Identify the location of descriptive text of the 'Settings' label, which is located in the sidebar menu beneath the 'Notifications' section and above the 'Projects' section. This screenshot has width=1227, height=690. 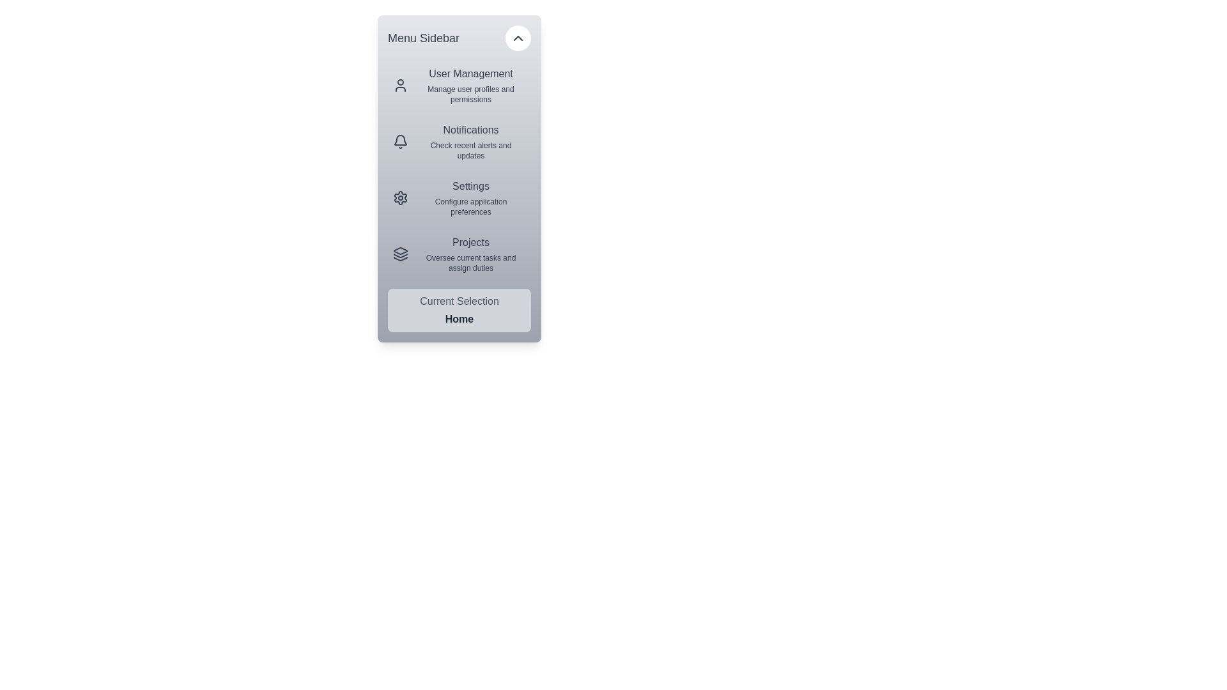
(470, 197).